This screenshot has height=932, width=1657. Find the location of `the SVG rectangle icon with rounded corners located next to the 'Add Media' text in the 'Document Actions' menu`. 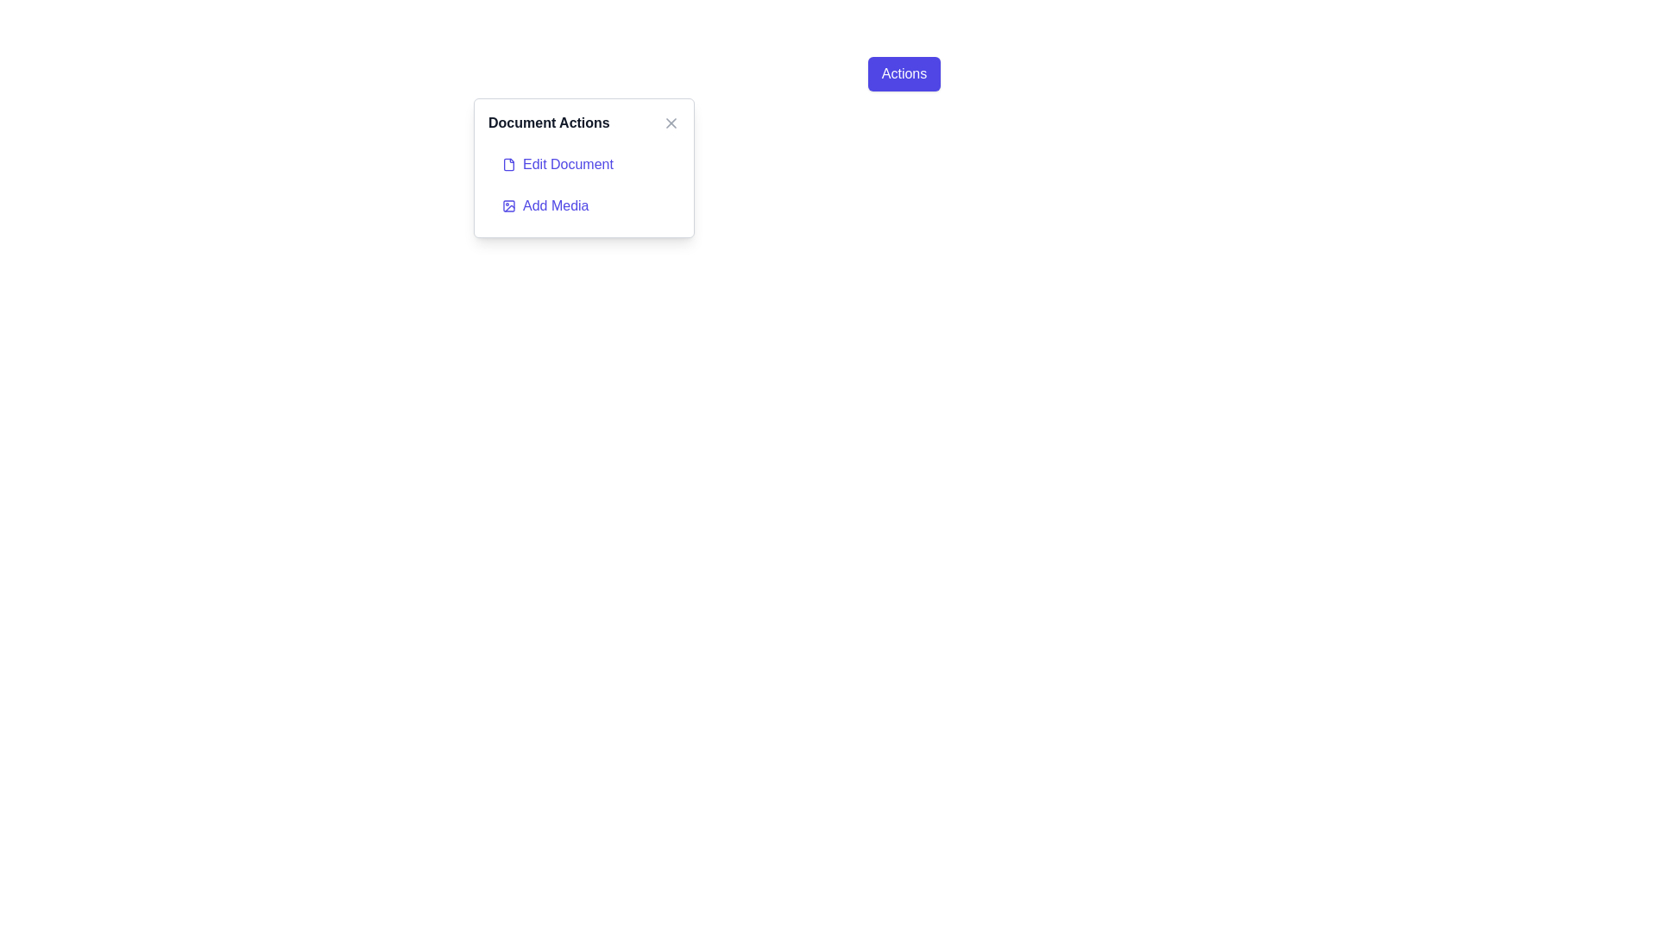

the SVG rectangle icon with rounded corners located next to the 'Add Media' text in the 'Document Actions' menu is located at coordinates (508, 205).